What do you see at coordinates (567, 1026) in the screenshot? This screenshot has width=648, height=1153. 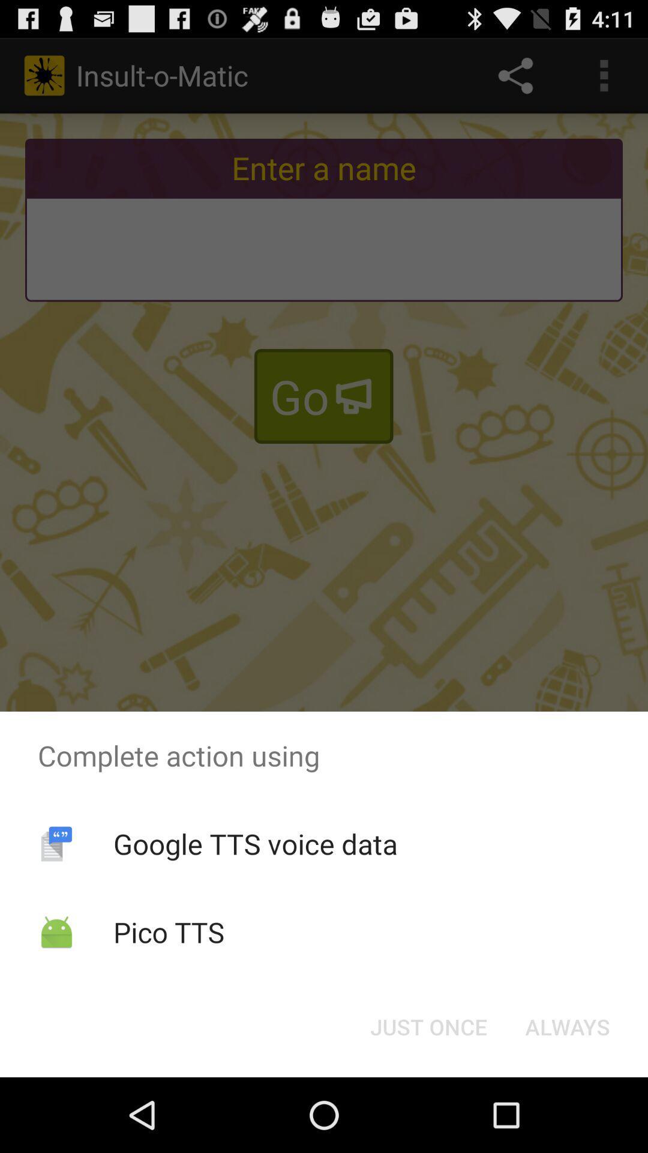 I see `the icon to the right of just once item` at bounding box center [567, 1026].